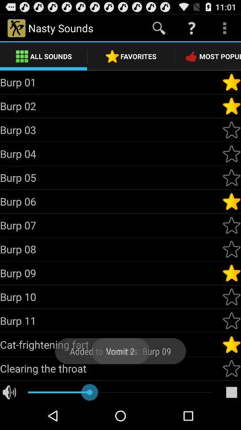 This screenshot has height=430, width=241. Describe the element at coordinates (231, 225) in the screenshot. I see `as favorite` at that location.